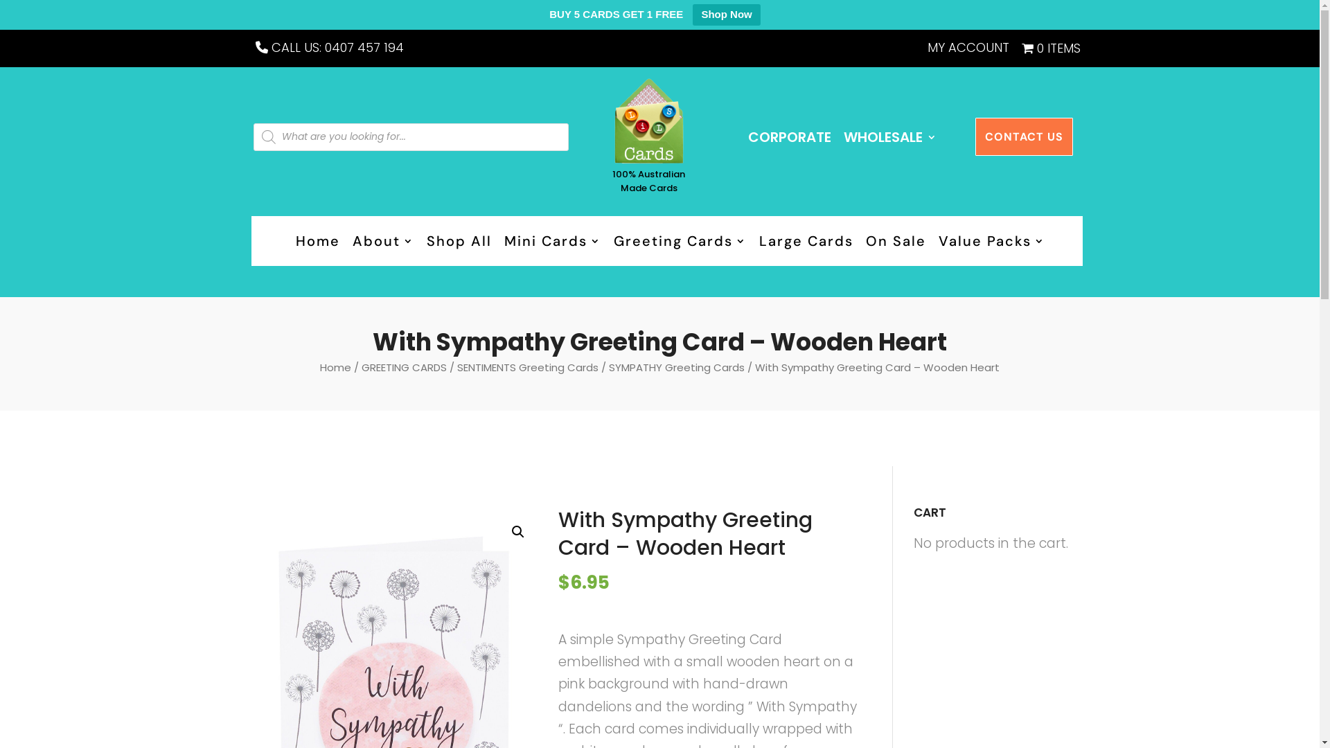 This screenshot has width=1330, height=748. Describe the element at coordinates (887, 139) in the screenshot. I see `'WHOLESALE'` at that location.